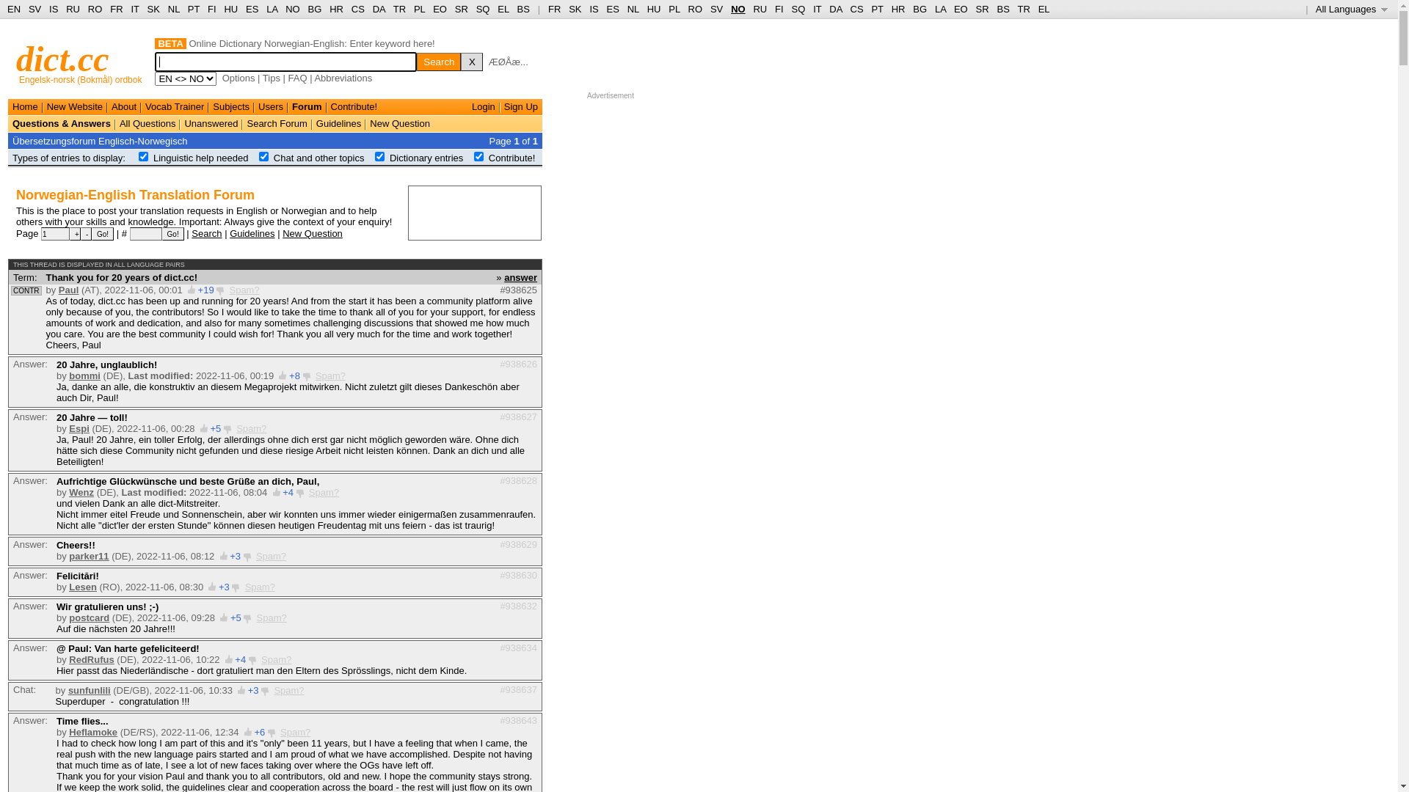  I want to click on '+3', so click(228, 556).